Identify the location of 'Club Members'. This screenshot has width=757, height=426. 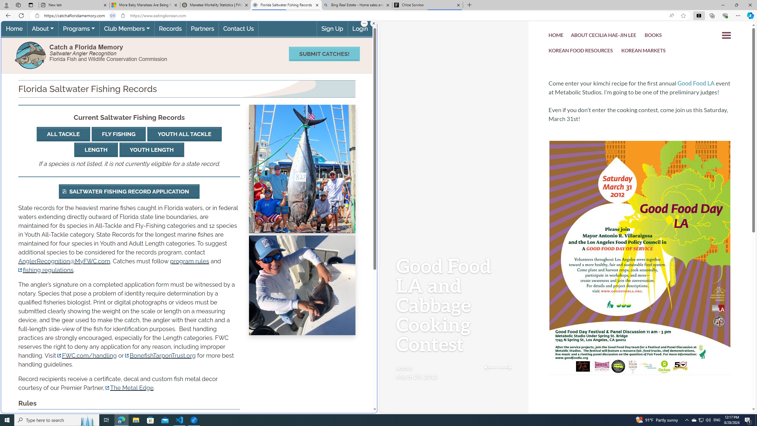
(127, 28).